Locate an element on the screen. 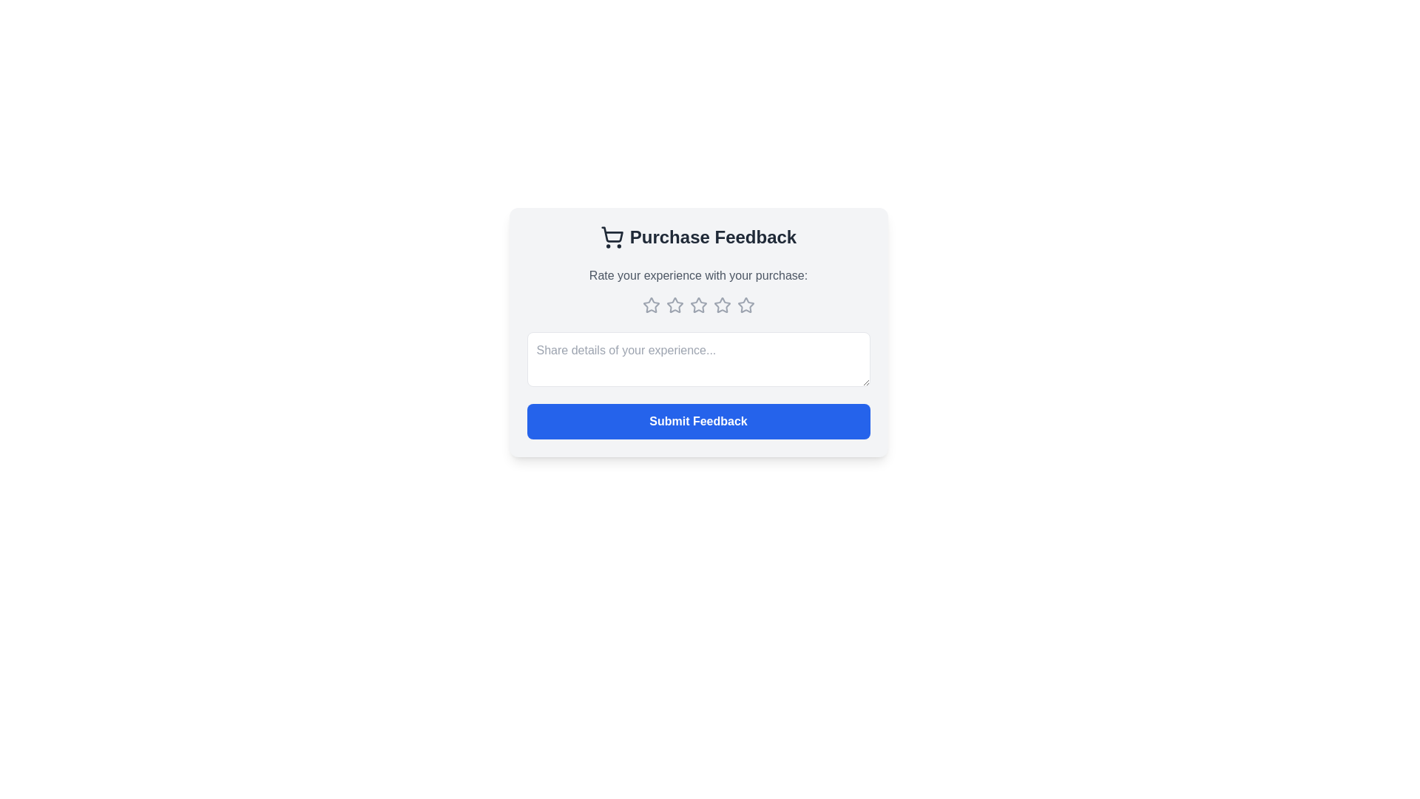 This screenshot has width=1420, height=799. the header with an icon indicating the purpose of the feedback section related to a purchase is located at coordinates (697, 236).